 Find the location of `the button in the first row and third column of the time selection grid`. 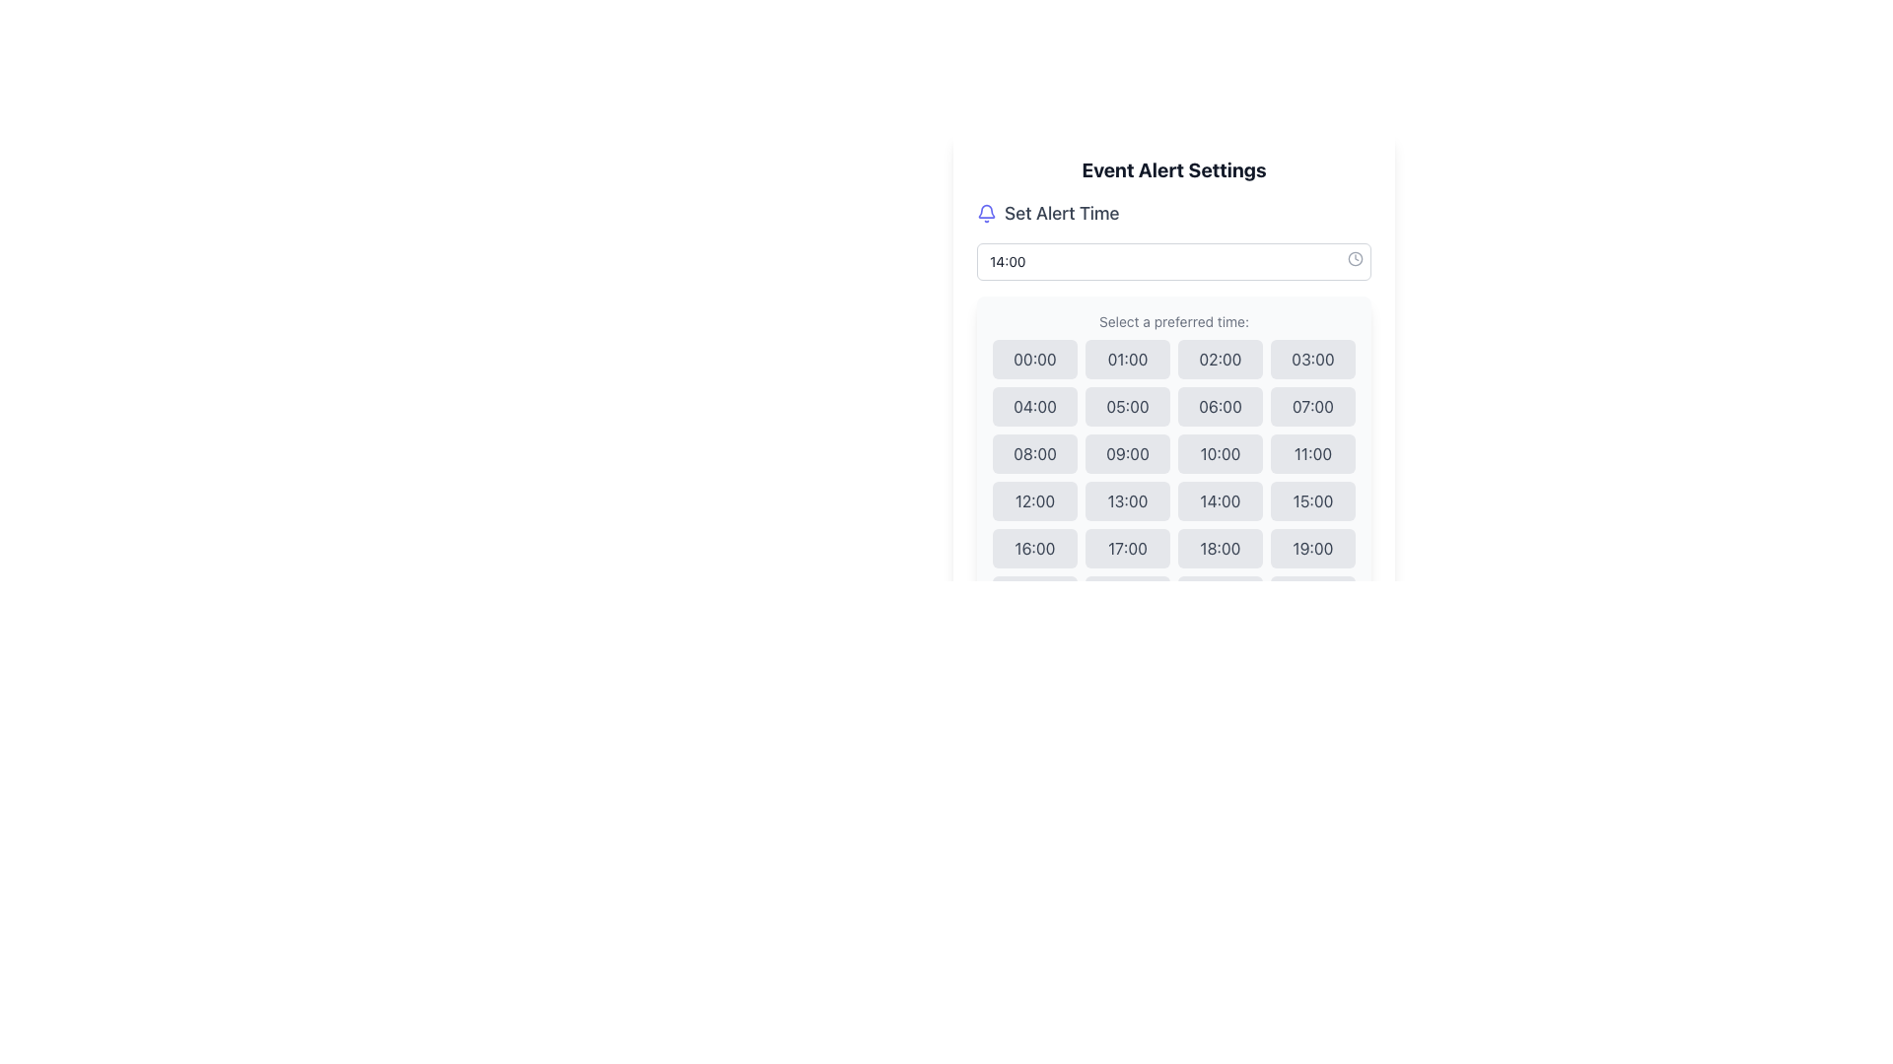

the button in the first row and third column of the time selection grid is located at coordinates (1220, 360).